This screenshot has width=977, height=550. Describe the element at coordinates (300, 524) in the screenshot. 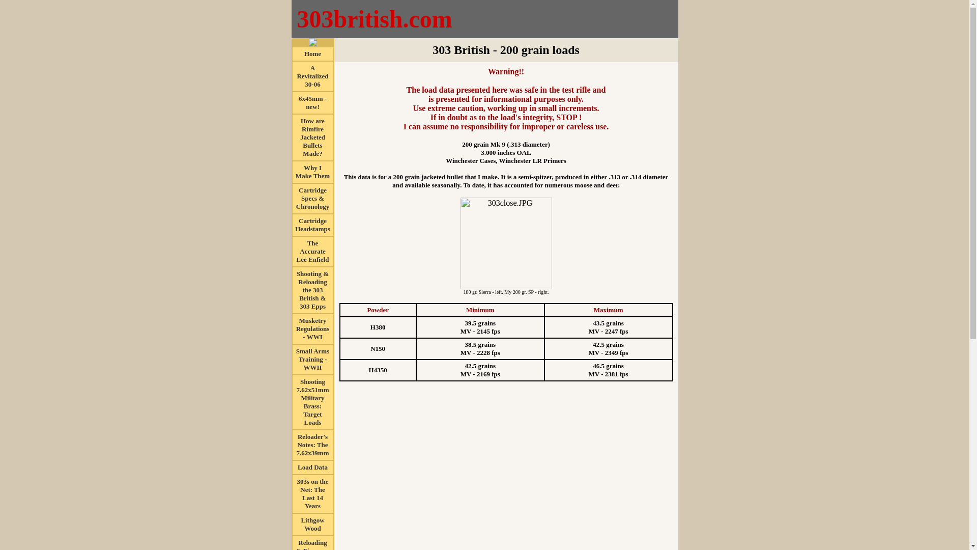

I see `'Lithgow Wood'` at that location.